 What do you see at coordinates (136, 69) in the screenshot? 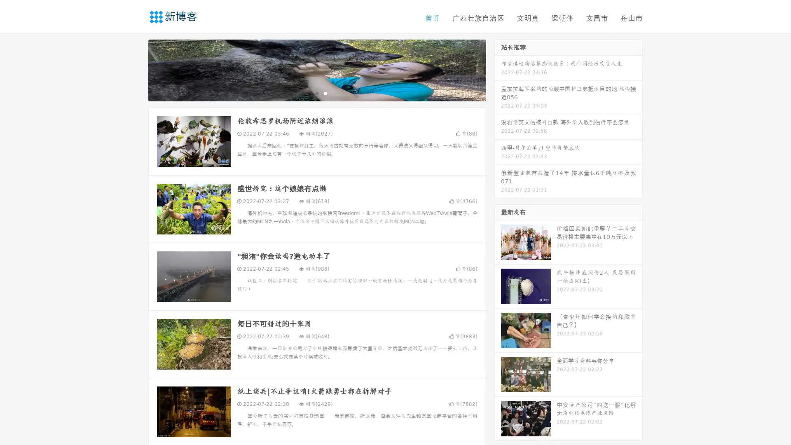
I see `Previous slide` at bounding box center [136, 69].